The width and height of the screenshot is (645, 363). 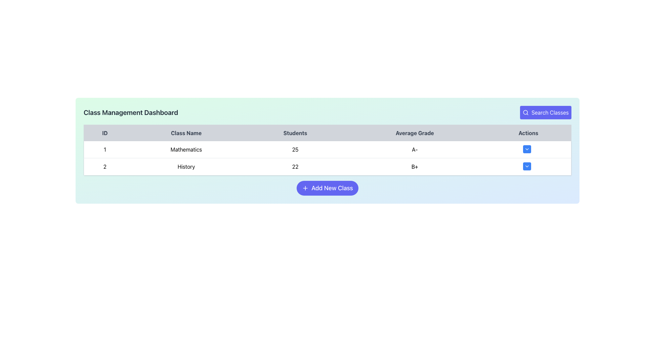 What do you see at coordinates (131, 112) in the screenshot?
I see `text 'Class Management Dashboard' which is prominently displayed in a larger, bold font at the top-left portion of the interface` at bounding box center [131, 112].